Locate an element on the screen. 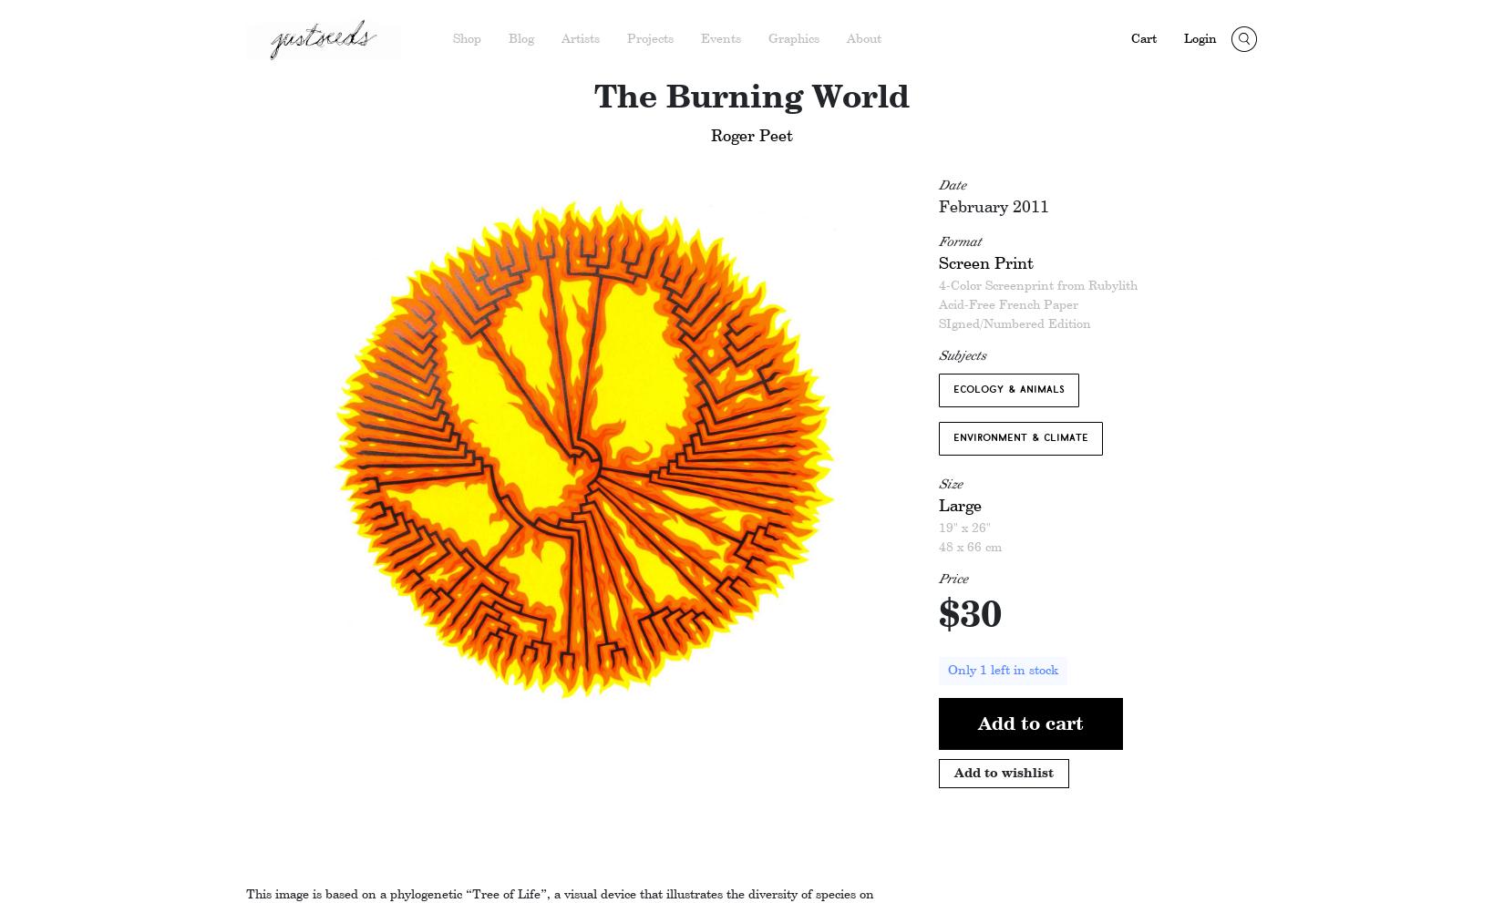  'SIgned/Numbered Edition' is located at coordinates (1015, 323).